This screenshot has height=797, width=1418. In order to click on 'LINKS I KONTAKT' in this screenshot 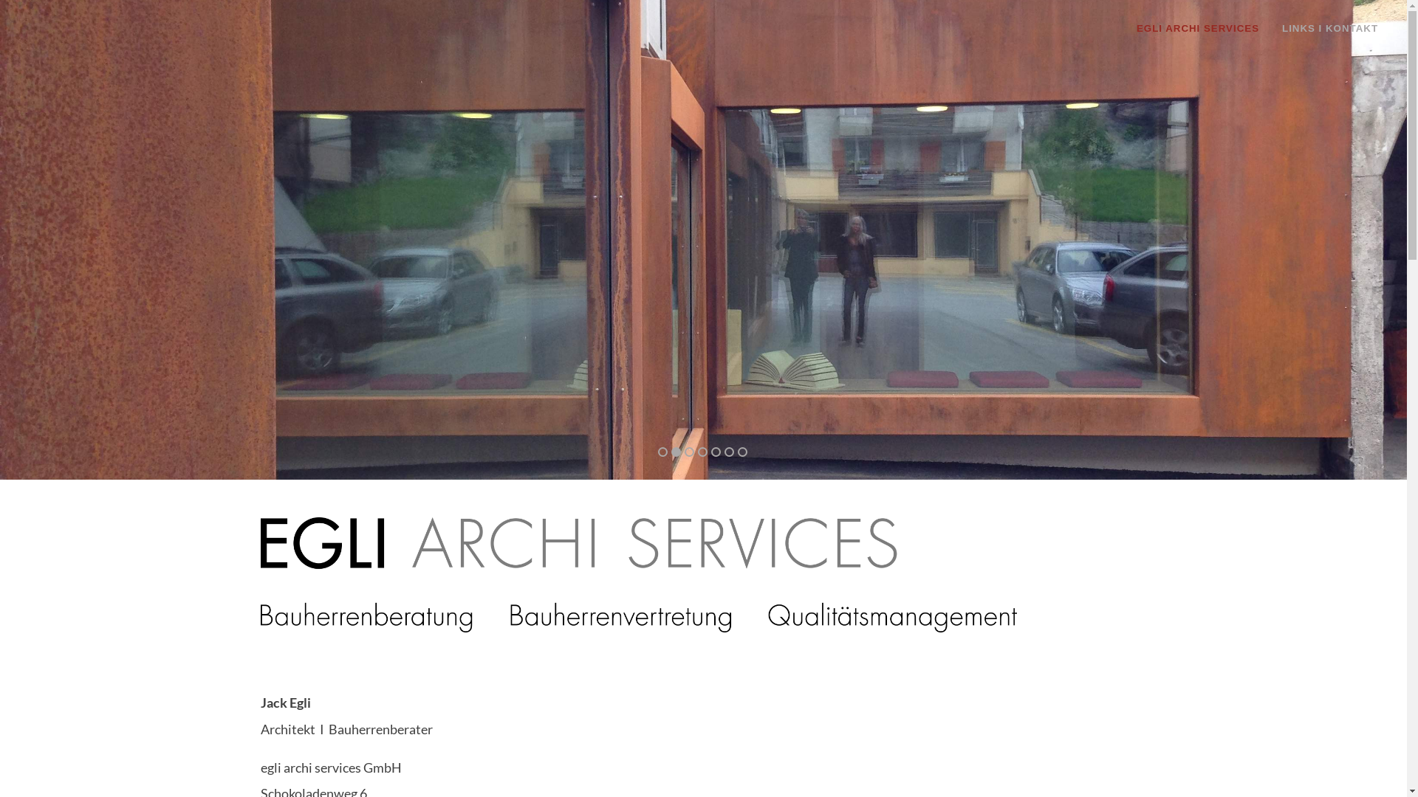, I will do `click(1271, 28)`.